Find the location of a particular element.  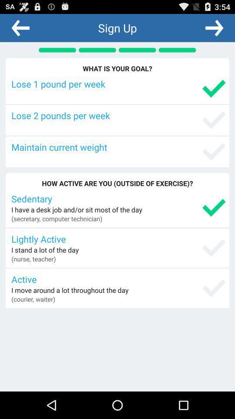

the app above i have a icon is located at coordinates (118, 199).